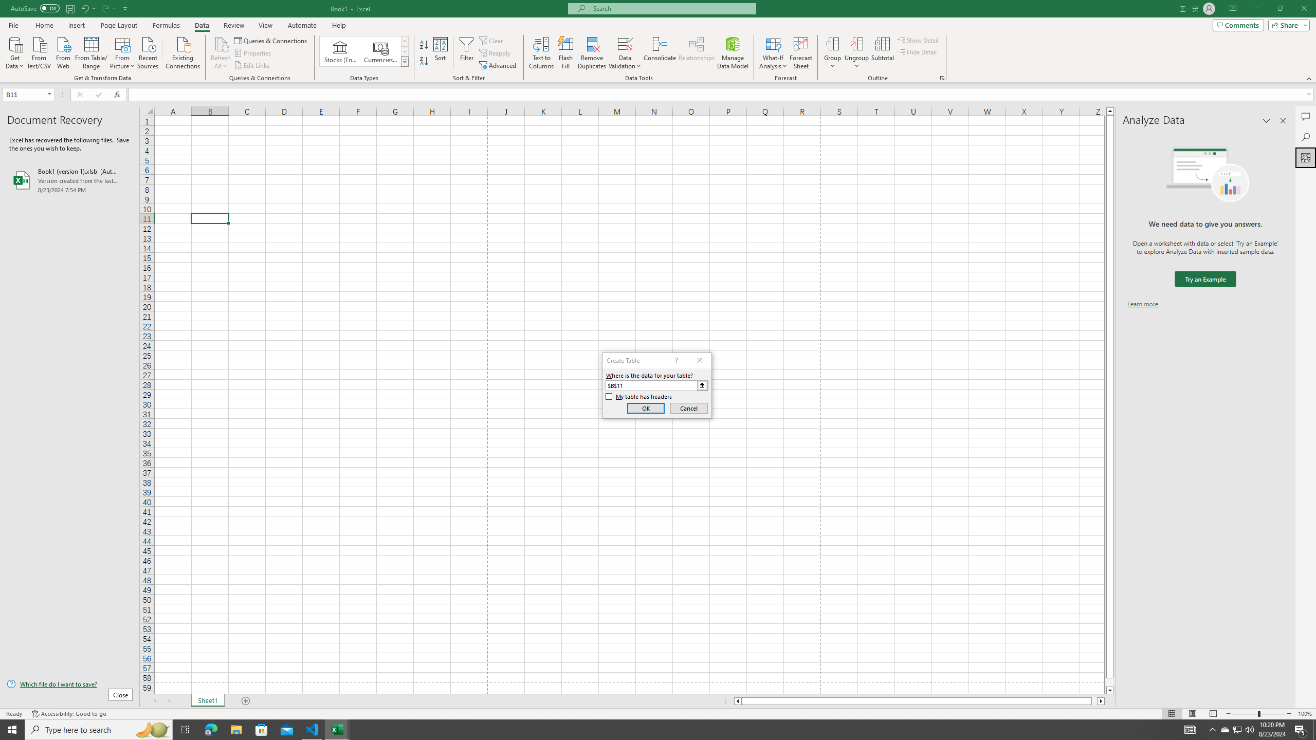  Describe the element at coordinates (1305, 137) in the screenshot. I see `'Search'` at that location.